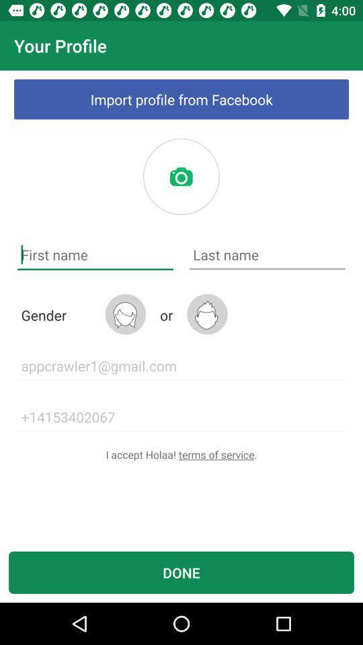 This screenshot has height=645, width=363. Describe the element at coordinates (181, 176) in the screenshot. I see `profile photo` at that location.